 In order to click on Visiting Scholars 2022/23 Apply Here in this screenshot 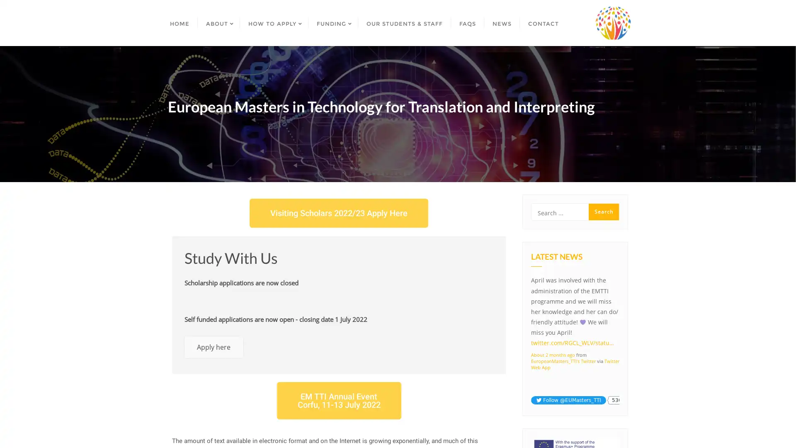, I will do `click(339, 212)`.